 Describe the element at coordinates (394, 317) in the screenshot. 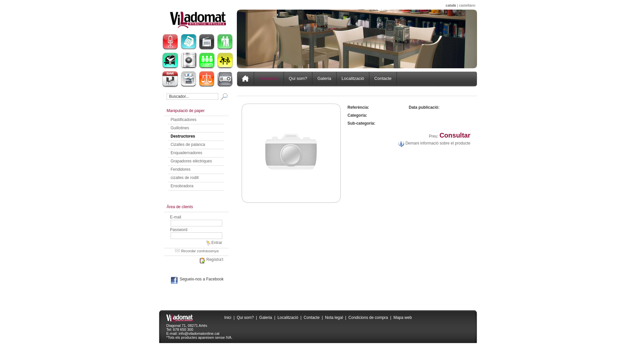

I see `'Mapa web'` at that location.